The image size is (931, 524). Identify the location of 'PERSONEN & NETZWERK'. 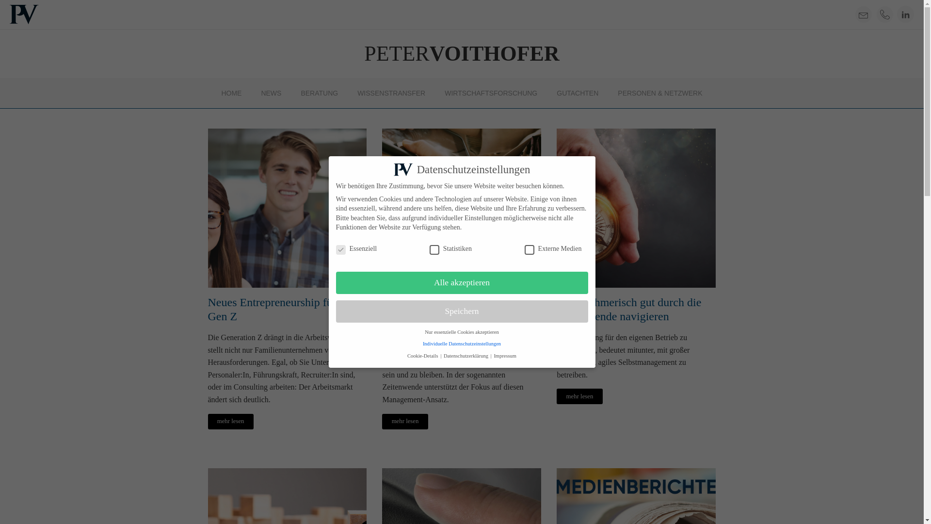
(659, 93).